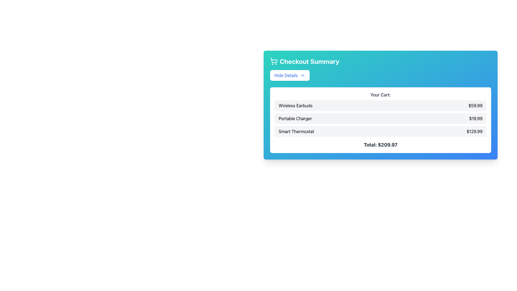 The width and height of the screenshot is (517, 291). Describe the element at coordinates (274, 61) in the screenshot. I see `the shopping cart icon located to the left of the 'Checkout Summary' text, which is styled in a white outline against a gradient turquoise background` at that location.